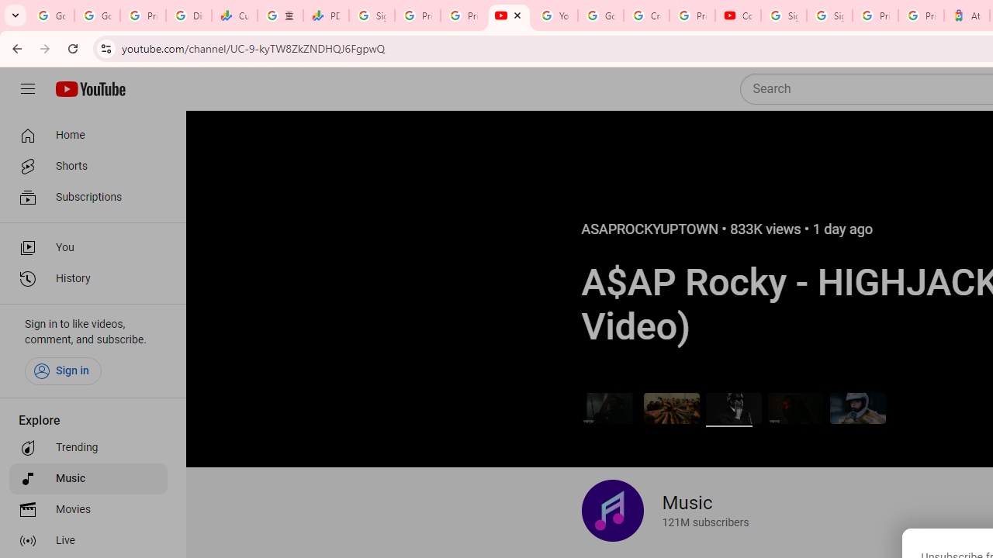 The width and height of the screenshot is (993, 558). What do you see at coordinates (87, 196) in the screenshot?
I see `'Subscriptions'` at bounding box center [87, 196].